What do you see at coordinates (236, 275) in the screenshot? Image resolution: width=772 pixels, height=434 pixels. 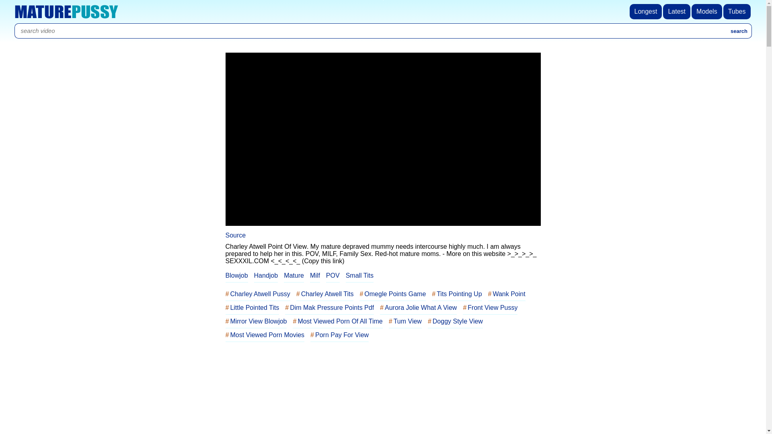 I see `'Blowjob'` at bounding box center [236, 275].